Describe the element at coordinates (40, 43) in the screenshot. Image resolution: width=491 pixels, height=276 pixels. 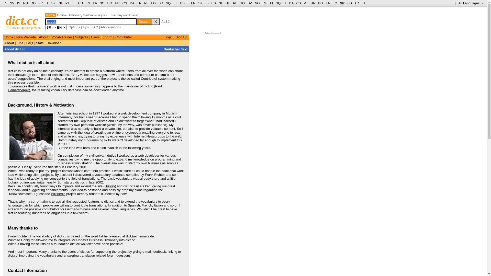
I see `'Stats'` at that location.